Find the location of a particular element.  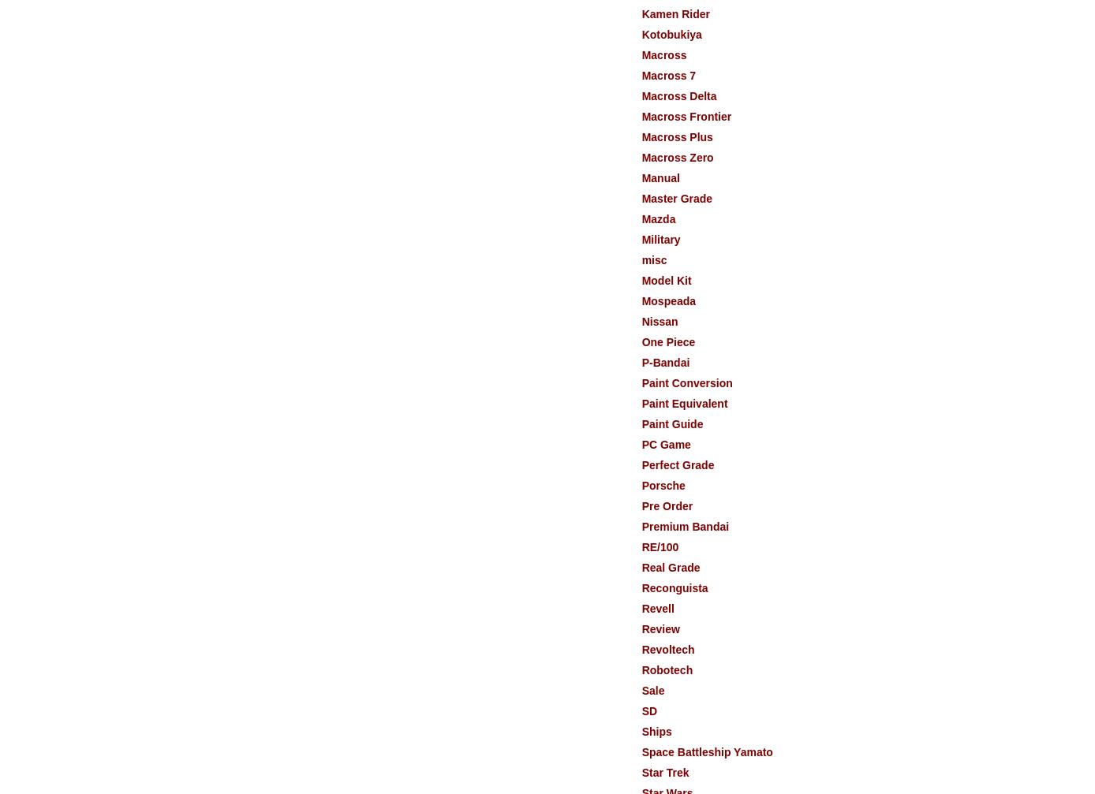

'Pre Order' is located at coordinates (667, 505).